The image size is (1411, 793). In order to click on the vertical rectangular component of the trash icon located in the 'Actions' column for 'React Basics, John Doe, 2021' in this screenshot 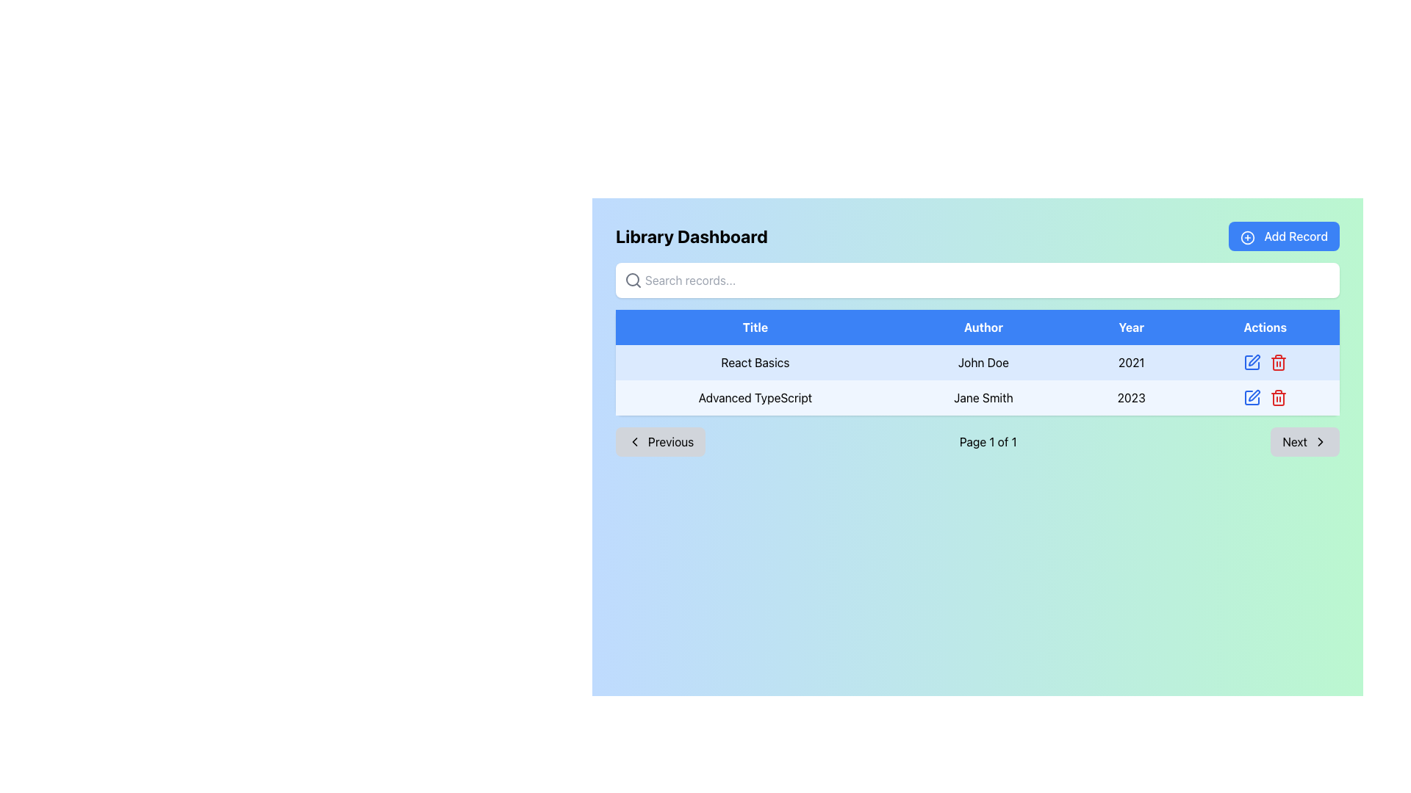, I will do `click(1277, 363)`.